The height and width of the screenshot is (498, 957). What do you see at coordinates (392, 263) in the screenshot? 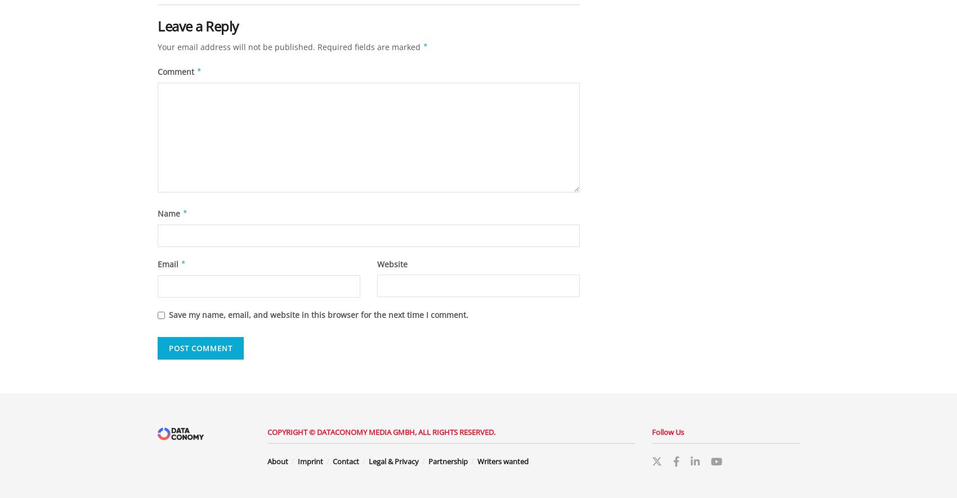
I see `'Website'` at bounding box center [392, 263].